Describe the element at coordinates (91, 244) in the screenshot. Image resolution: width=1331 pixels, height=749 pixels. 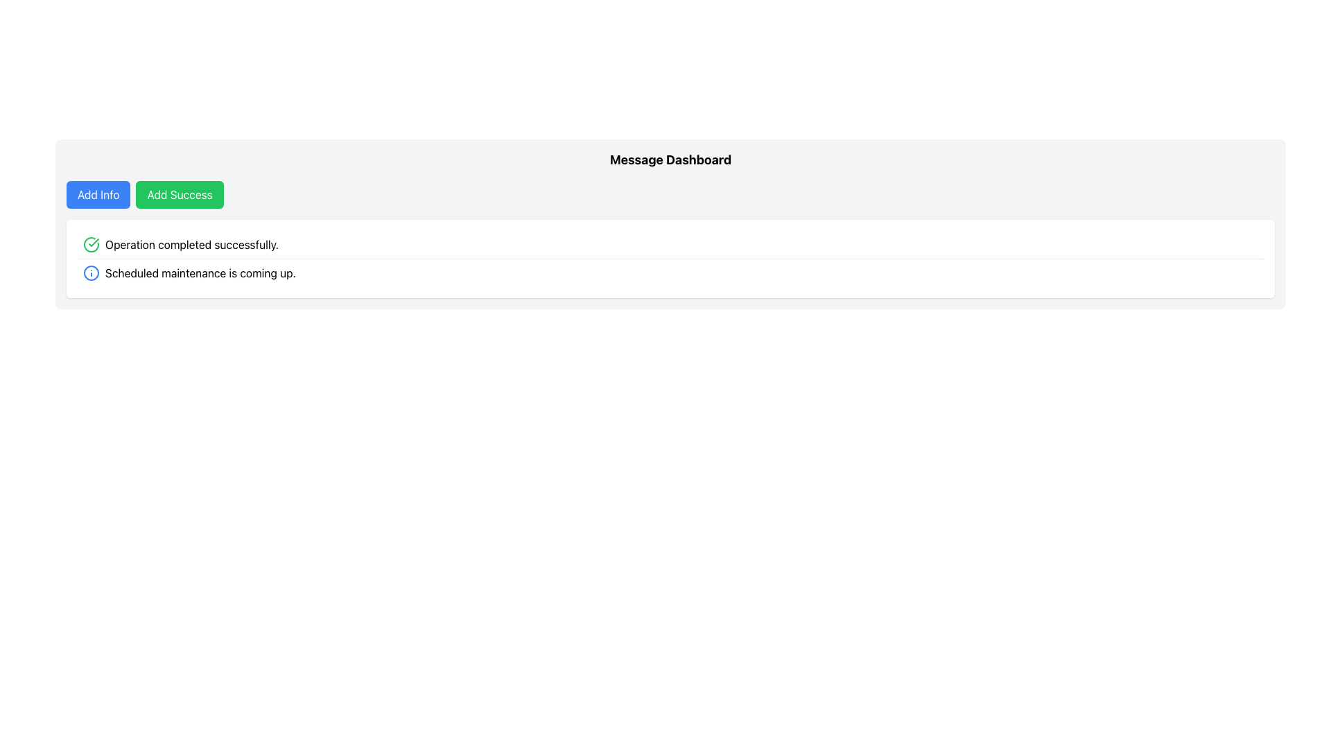
I see `the circular icon containing a green checkmark that indicates success, located to the left of the text message 'Operation completed successfully.'` at that location.